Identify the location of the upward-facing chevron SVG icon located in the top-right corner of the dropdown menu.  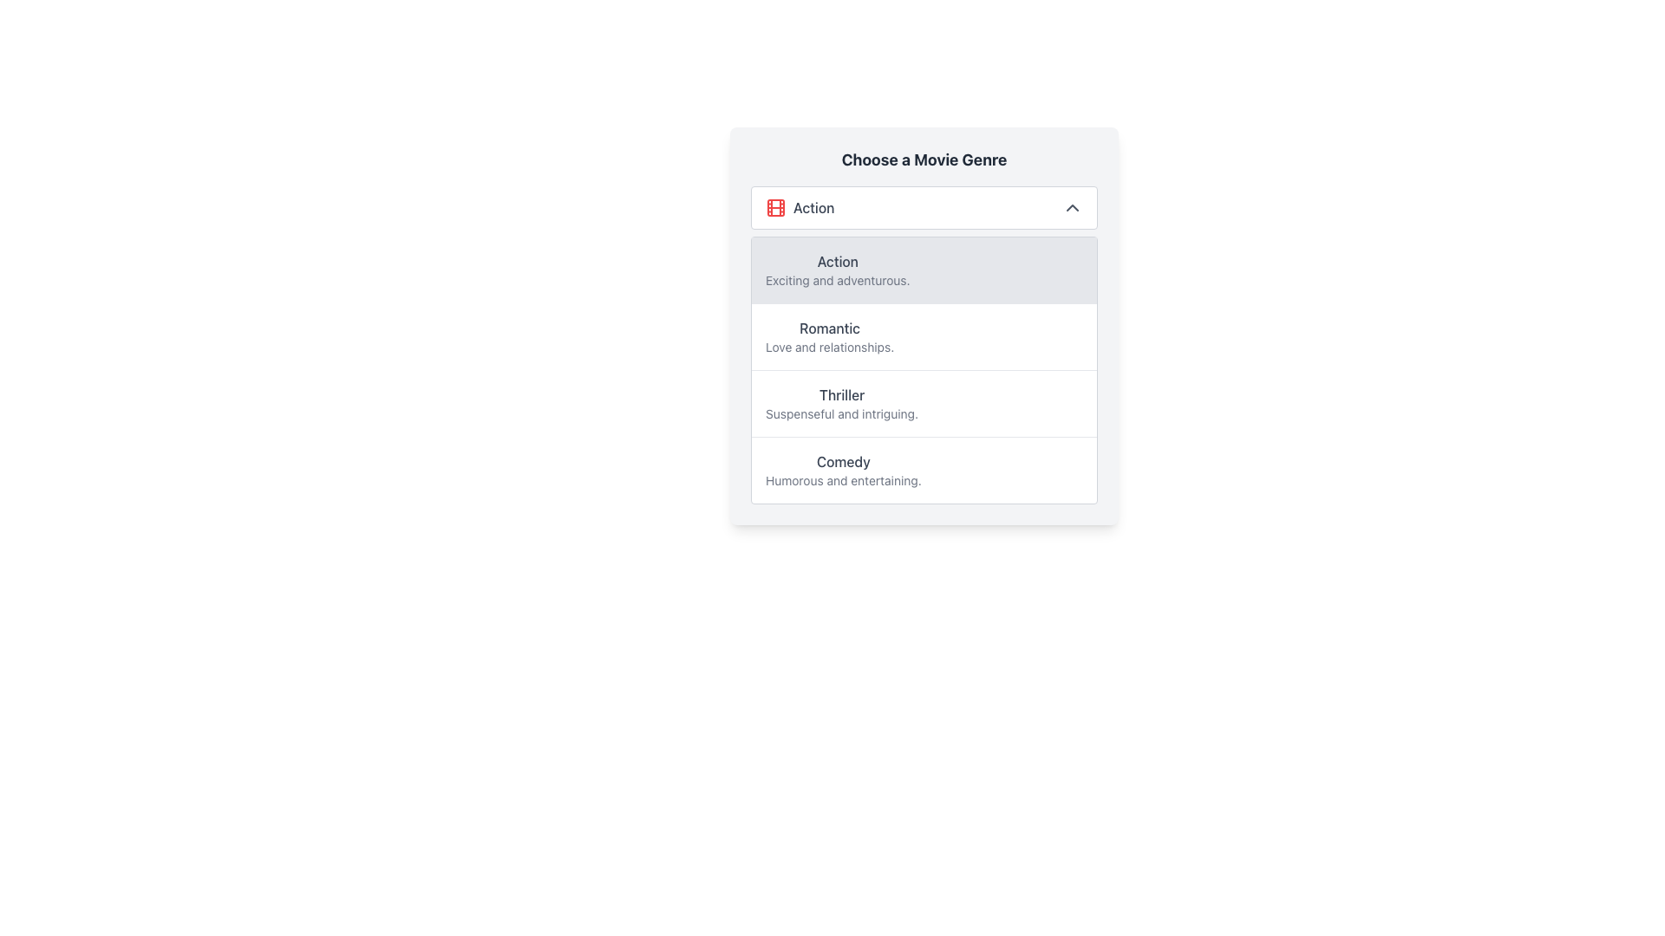
(1072, 206).